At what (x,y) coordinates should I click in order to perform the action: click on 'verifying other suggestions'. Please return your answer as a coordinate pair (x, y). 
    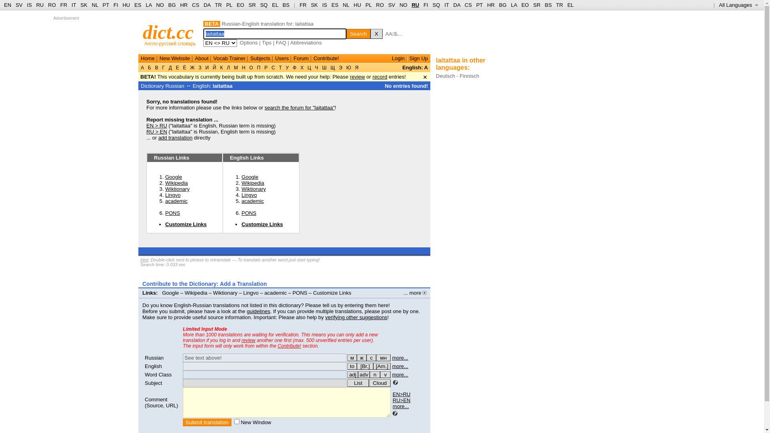
    Looking at the image, I should click on (356, 317).